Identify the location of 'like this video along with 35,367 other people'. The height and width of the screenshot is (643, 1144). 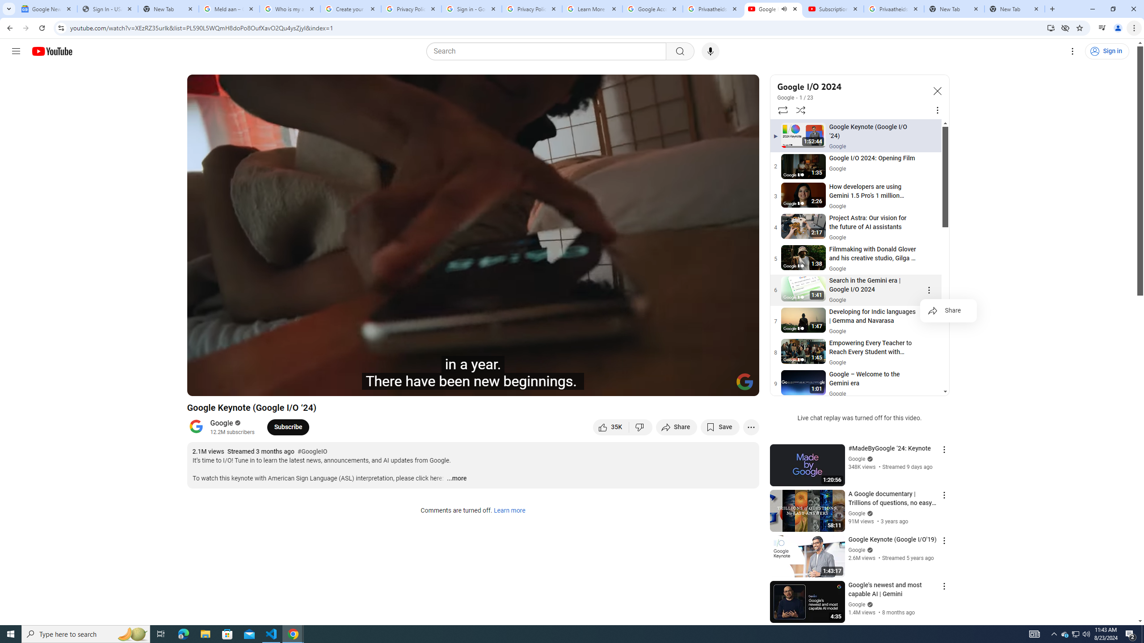
(610, 426).